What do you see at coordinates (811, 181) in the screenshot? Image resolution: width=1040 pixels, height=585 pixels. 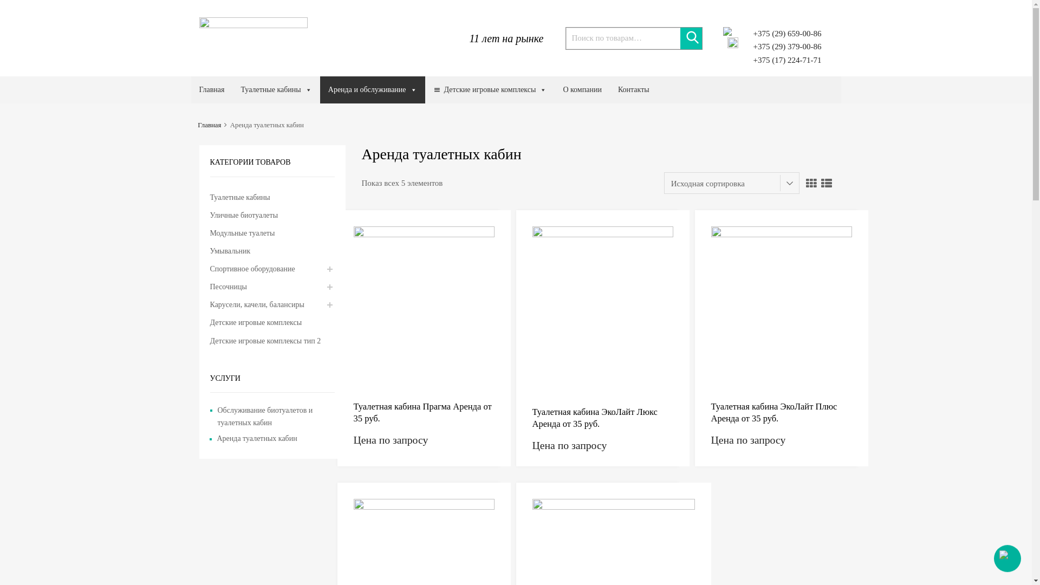 I see `'Grid View'` at bounding box center [811, 181].